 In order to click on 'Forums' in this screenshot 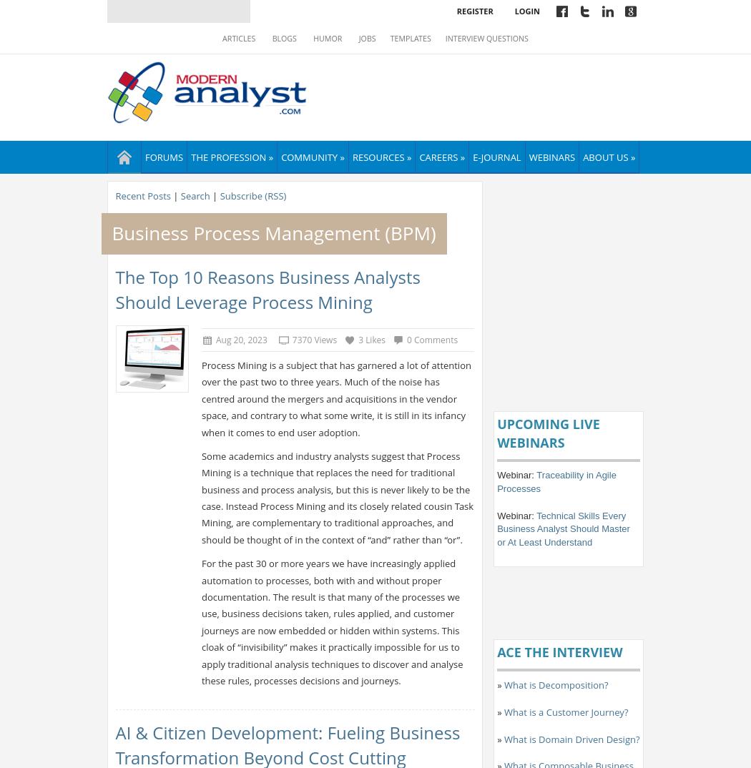, I will do `click(164, 156)`.